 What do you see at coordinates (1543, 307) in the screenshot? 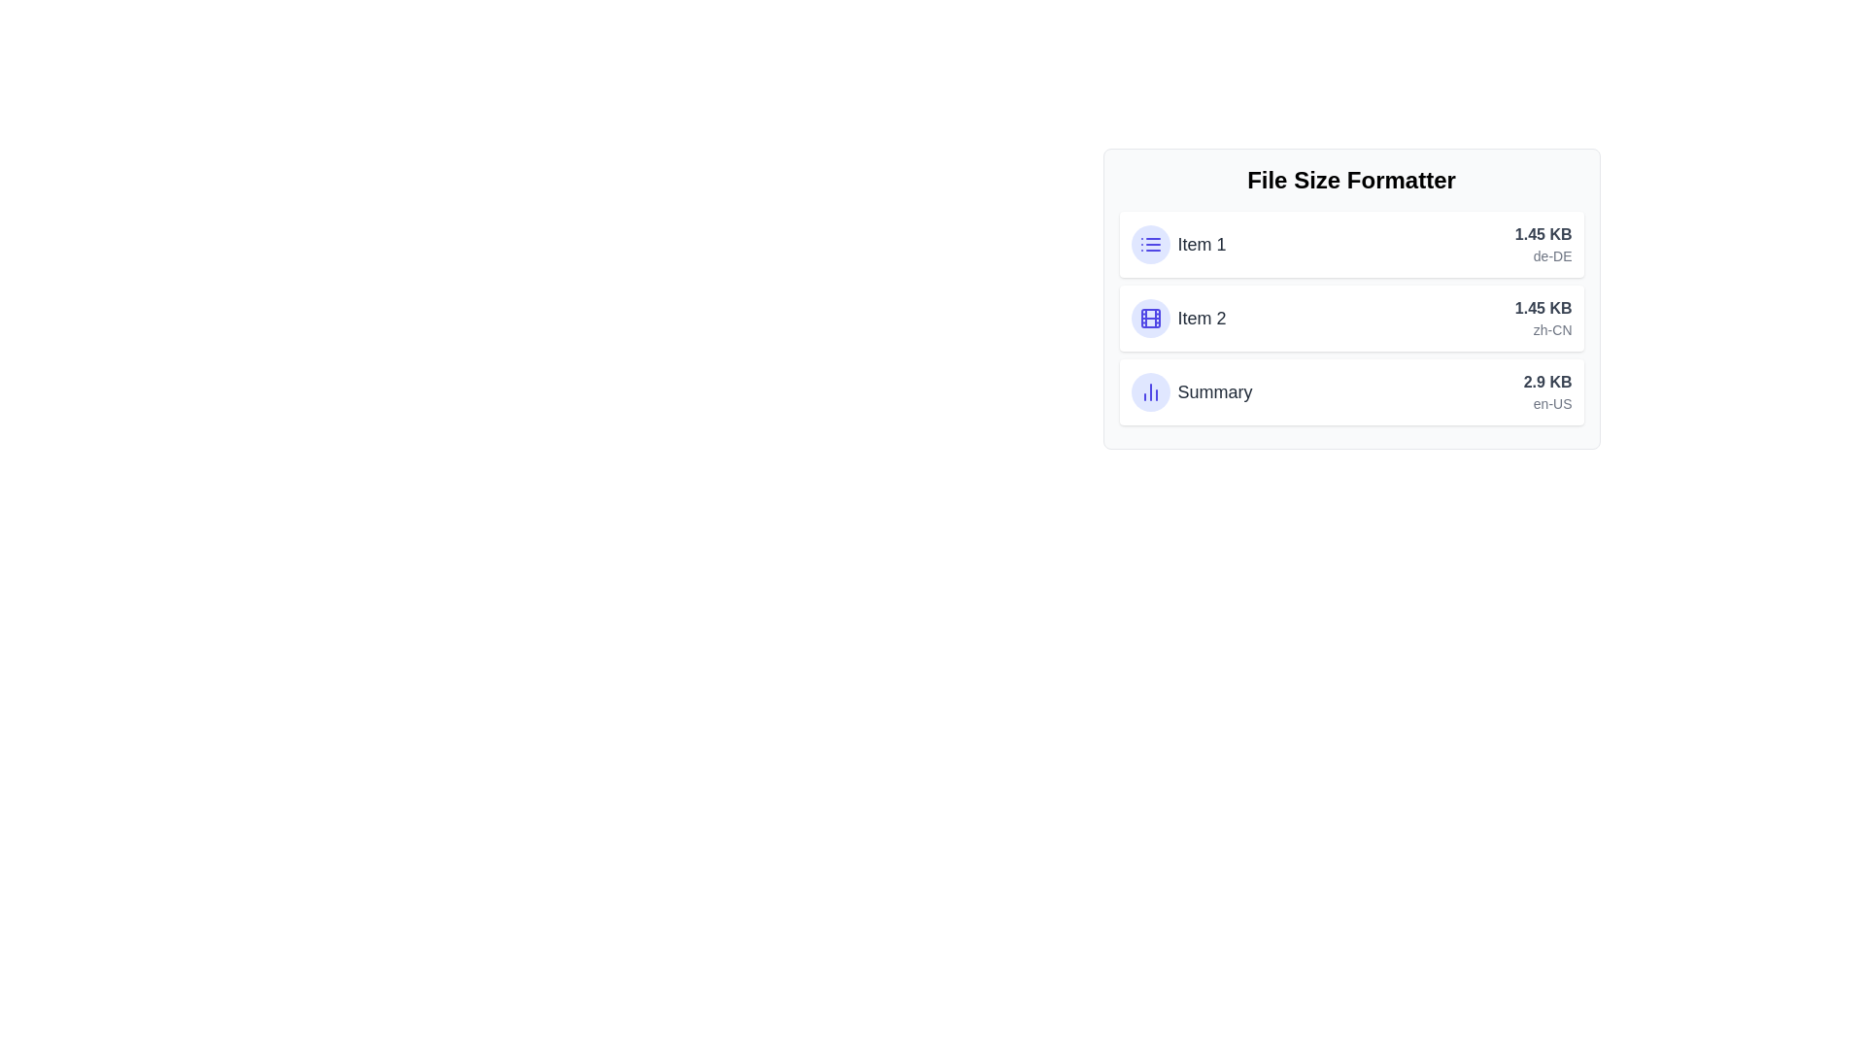
I see `the Text label displaying the file size for 'Item 2' for accessibility navigation` at bounding box center [1543, 307].